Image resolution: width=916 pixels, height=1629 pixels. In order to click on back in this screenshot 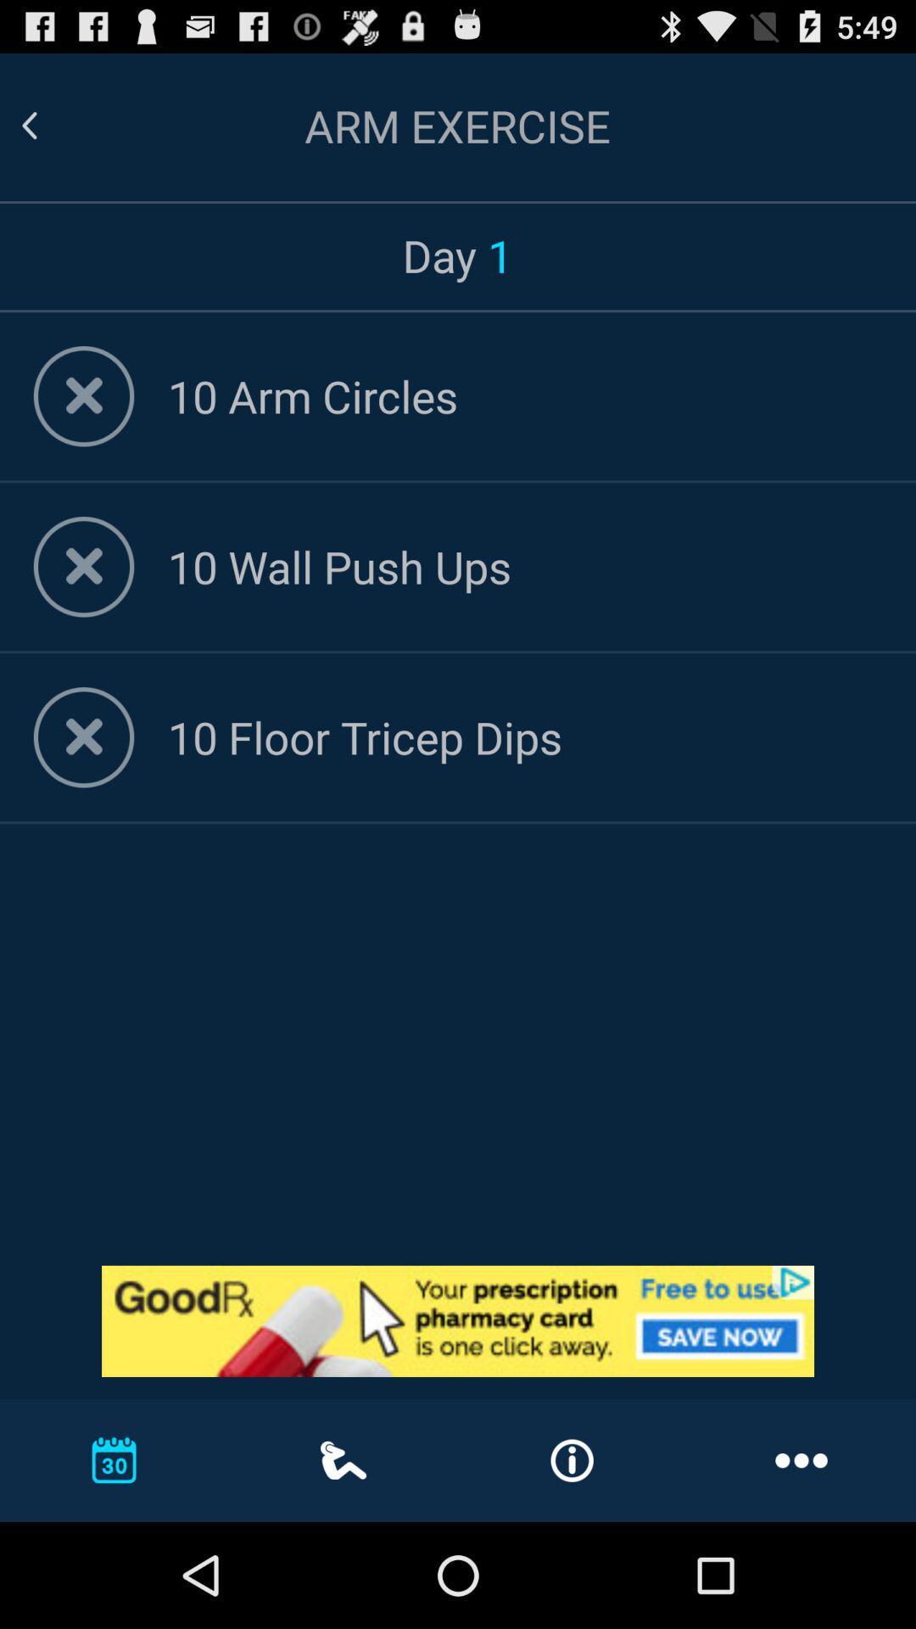, I will do `click(49, 125)`.